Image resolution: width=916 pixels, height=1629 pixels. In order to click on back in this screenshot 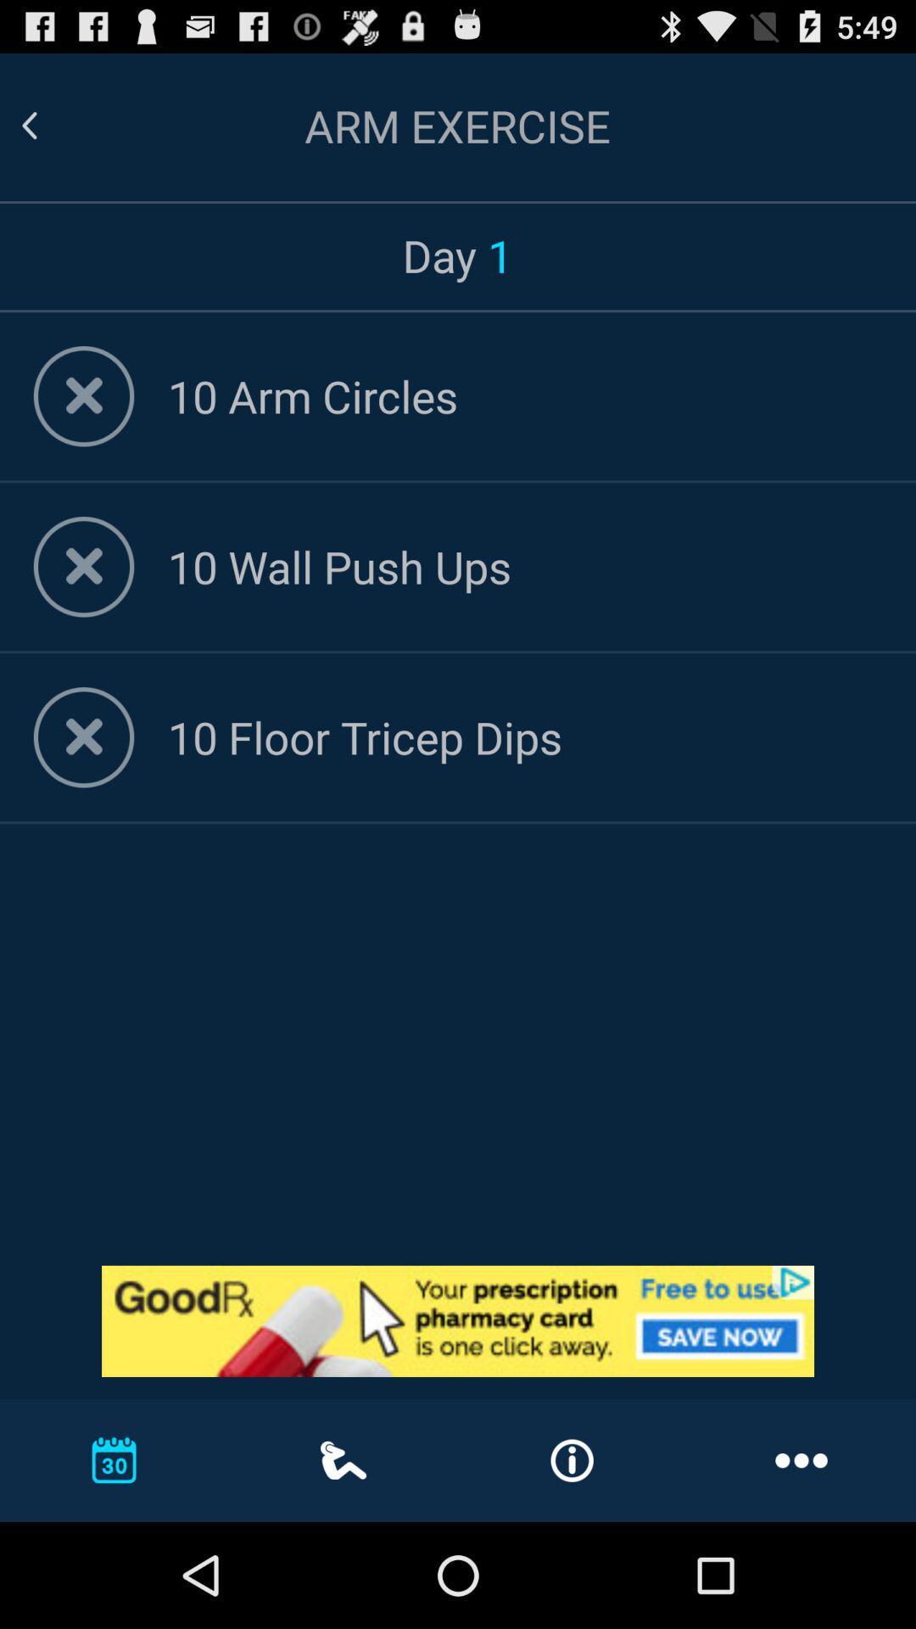, I will do `click(49, 125)`.